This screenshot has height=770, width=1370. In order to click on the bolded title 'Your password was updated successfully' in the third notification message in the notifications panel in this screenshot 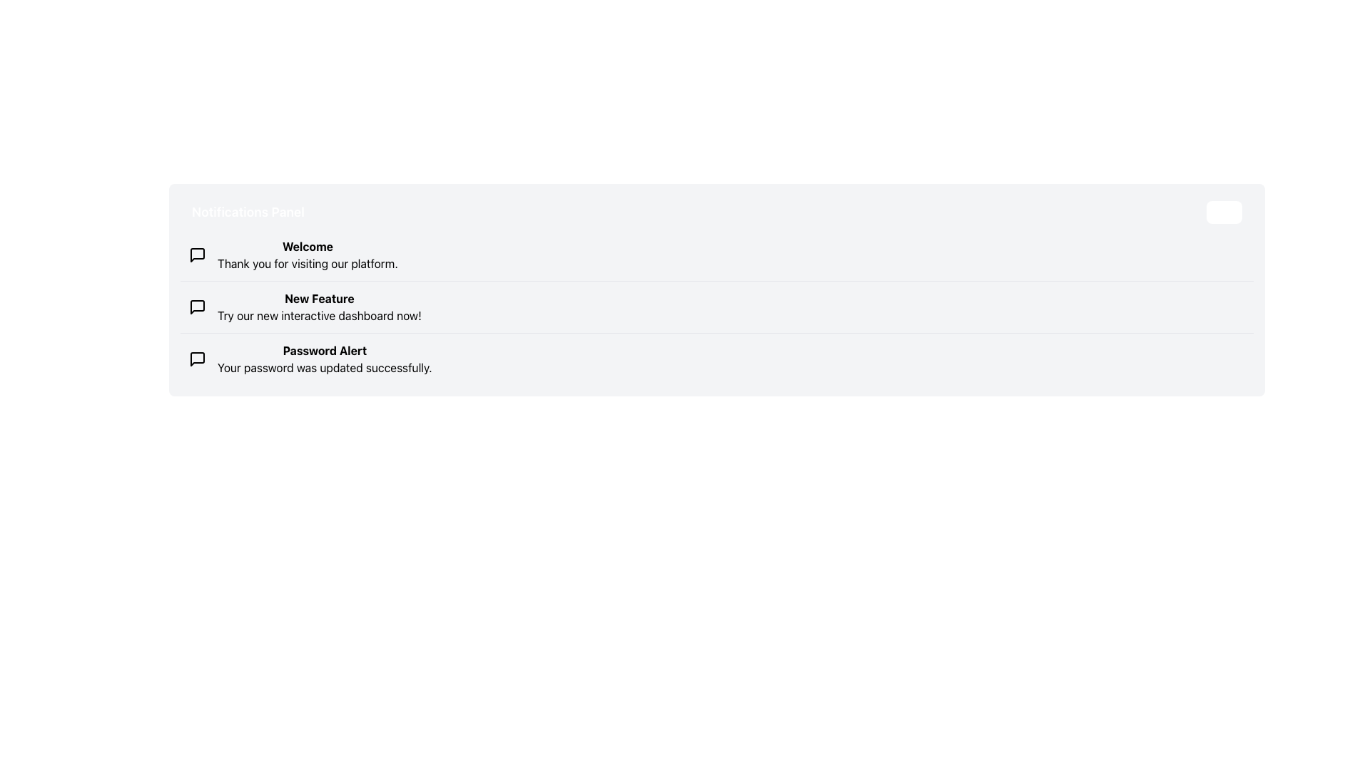, I will do `click(324, 351)`.